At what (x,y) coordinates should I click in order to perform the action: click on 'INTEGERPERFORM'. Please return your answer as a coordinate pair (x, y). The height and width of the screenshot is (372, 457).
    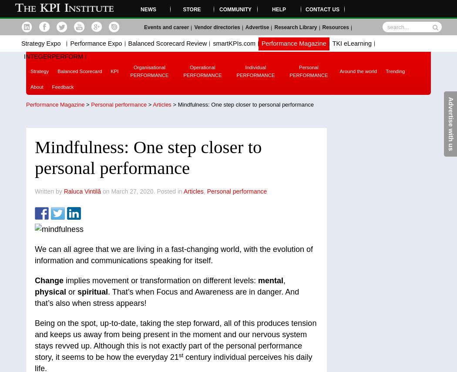
    Looking at the image, I should click on (53, 56).